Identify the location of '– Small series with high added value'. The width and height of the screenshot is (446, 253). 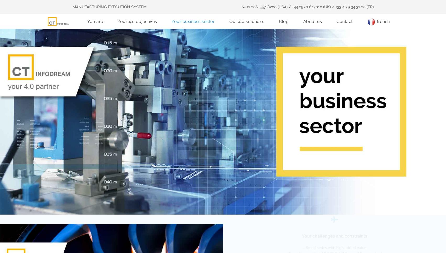
(334, 247).